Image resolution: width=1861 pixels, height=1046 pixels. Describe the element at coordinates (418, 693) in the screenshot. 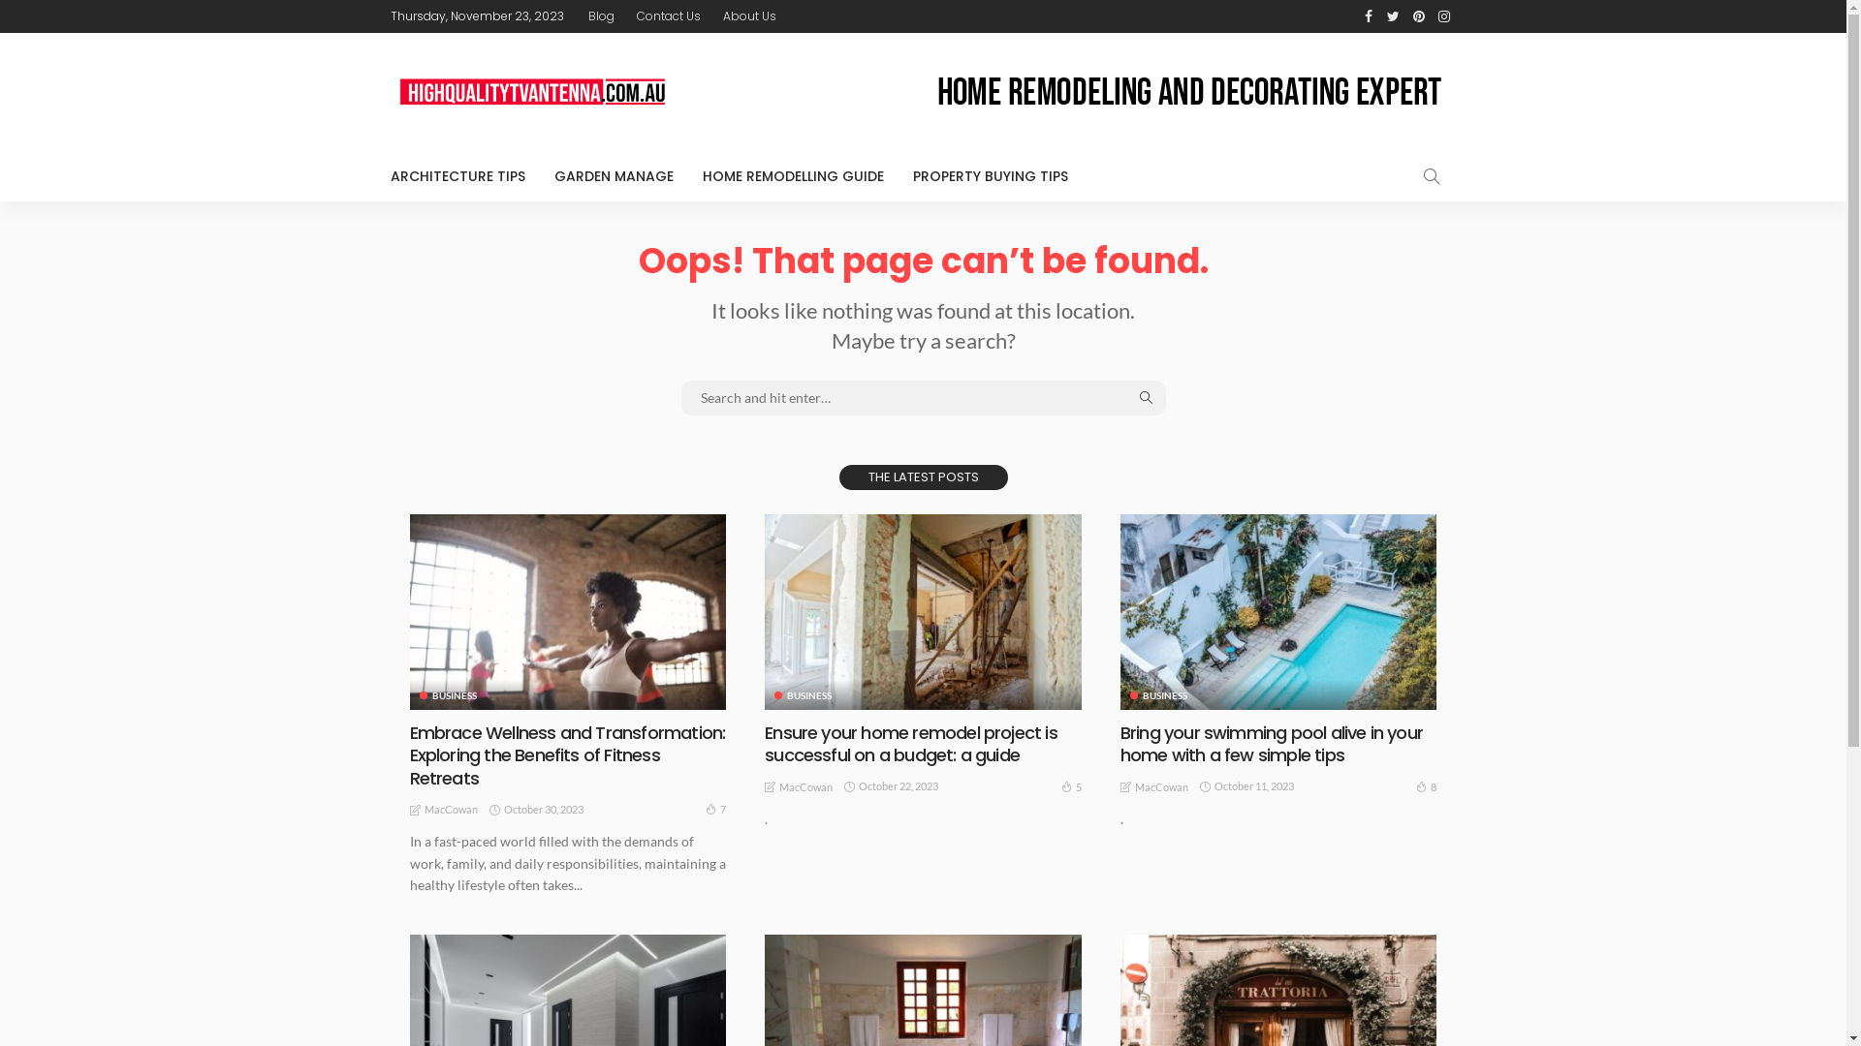

I see `'BUSINESS'` at that location.